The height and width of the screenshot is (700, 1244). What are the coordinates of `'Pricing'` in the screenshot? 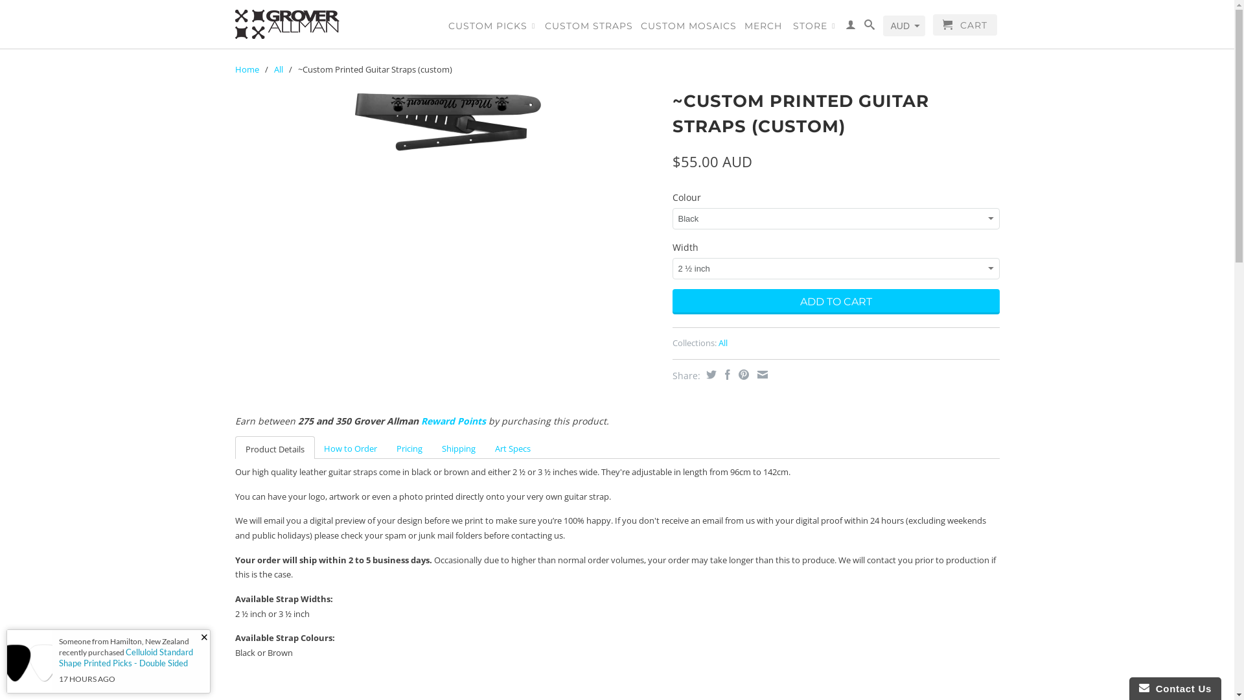 It's located at (408, 447).